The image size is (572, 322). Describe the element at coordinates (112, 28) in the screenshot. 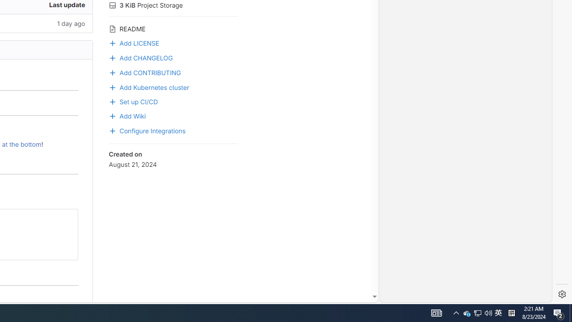

I see `'Class: s16 icon gl-mr-3 gl-text-gray-500'` at that location.